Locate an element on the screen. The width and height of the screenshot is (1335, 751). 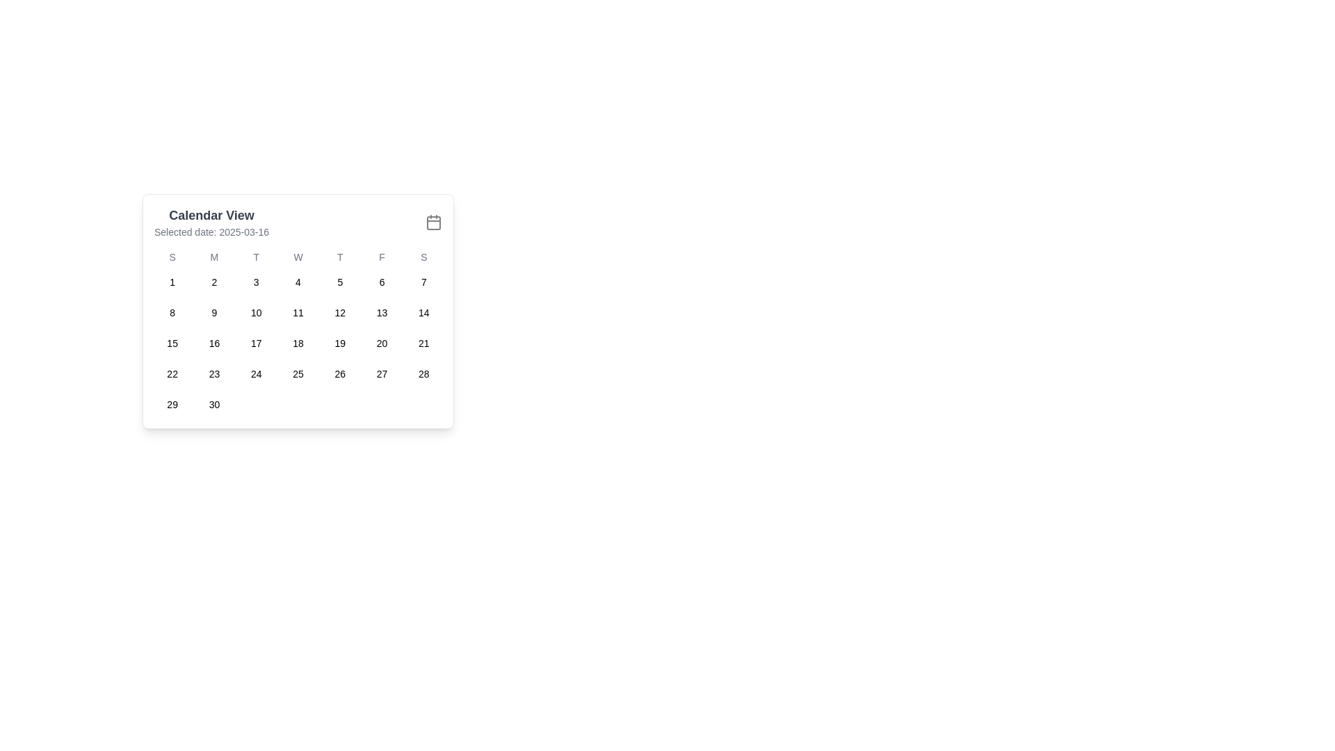
the button representing the date '5th' in the calendar, which is located in the first row and fifth cell of the grid structure is located at coordinates (340, 282).